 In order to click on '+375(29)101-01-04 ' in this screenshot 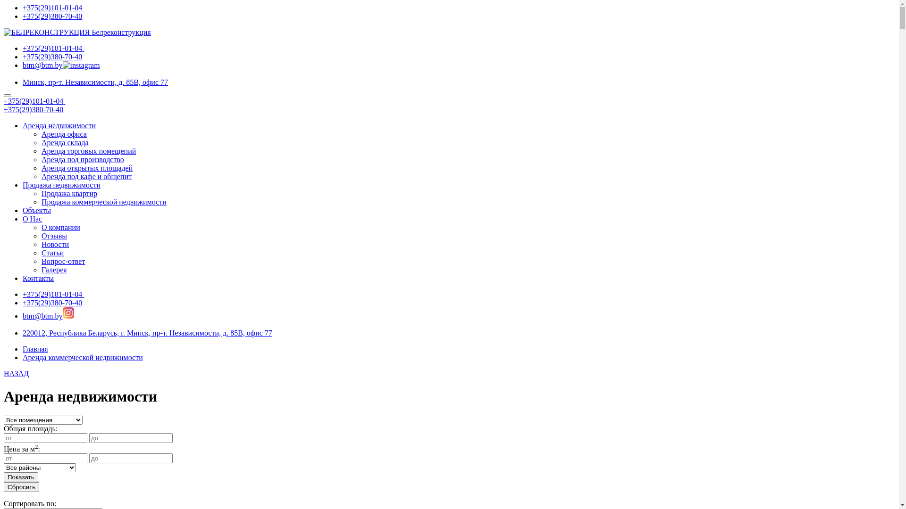, I will do `click(53, 294)`.